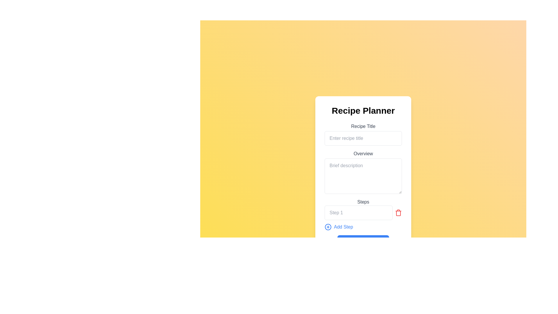  Describe the element at coordinates (363, 242) in the screenshot. I see `the blue rectangular 'Save Recipe' button with rounded corners` at that location.